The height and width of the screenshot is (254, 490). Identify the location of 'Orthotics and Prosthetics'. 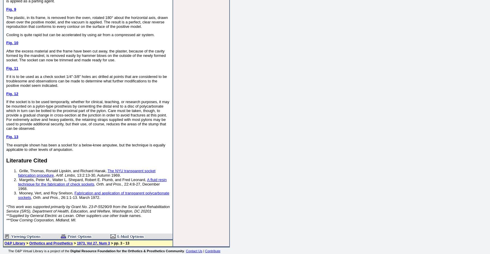
(51, 243).